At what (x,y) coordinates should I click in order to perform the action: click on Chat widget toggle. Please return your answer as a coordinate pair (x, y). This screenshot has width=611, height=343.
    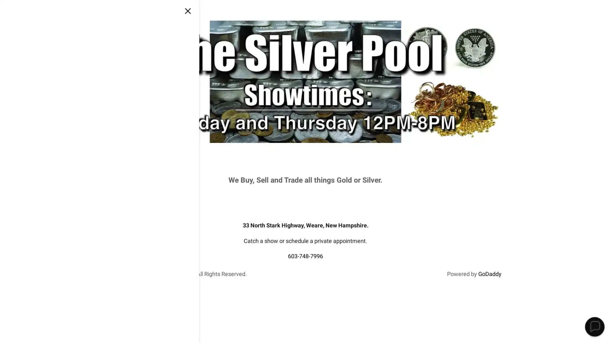
    Looking at the image, I should click on (594, 327).